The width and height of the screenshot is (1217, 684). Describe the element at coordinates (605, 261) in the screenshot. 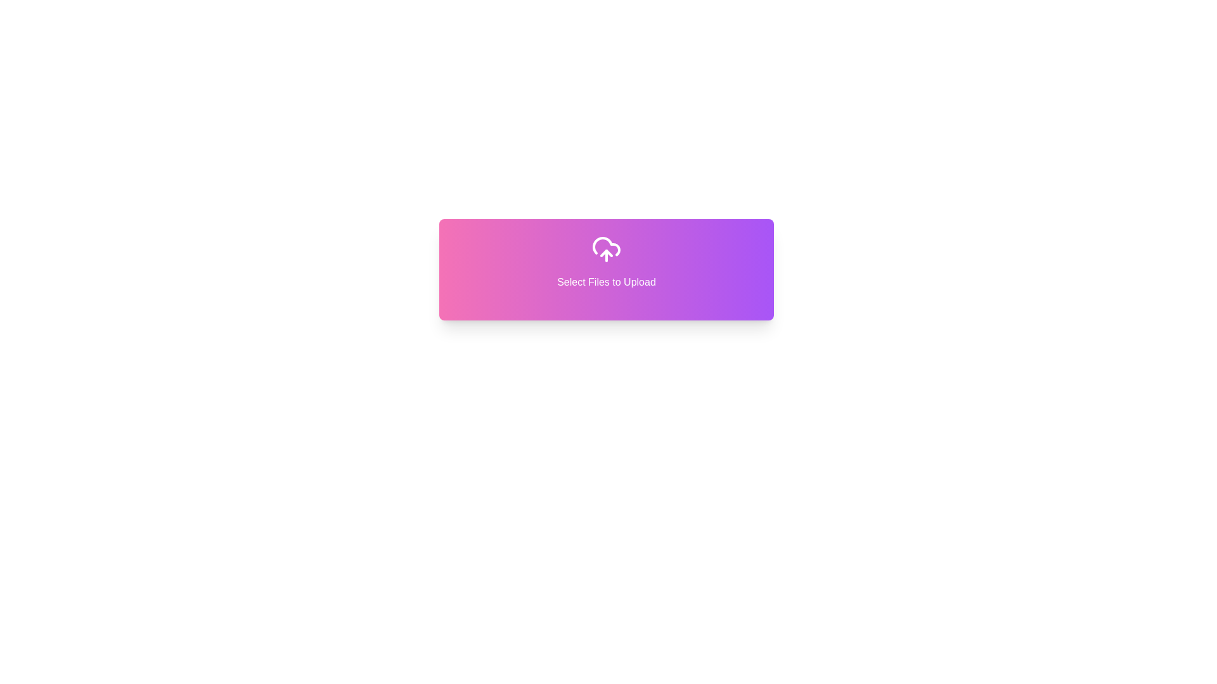

I see `the interactive button for file upload, which is centrally aligned within a rounded rectangular card with a gradient background, to receive visual feedback` at that location.